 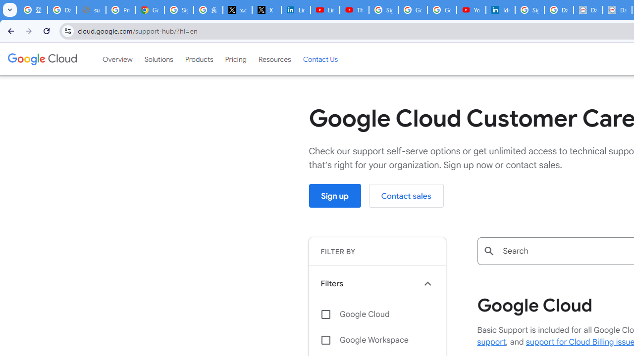 I want to click on 'X', so click(x=266, y=10).